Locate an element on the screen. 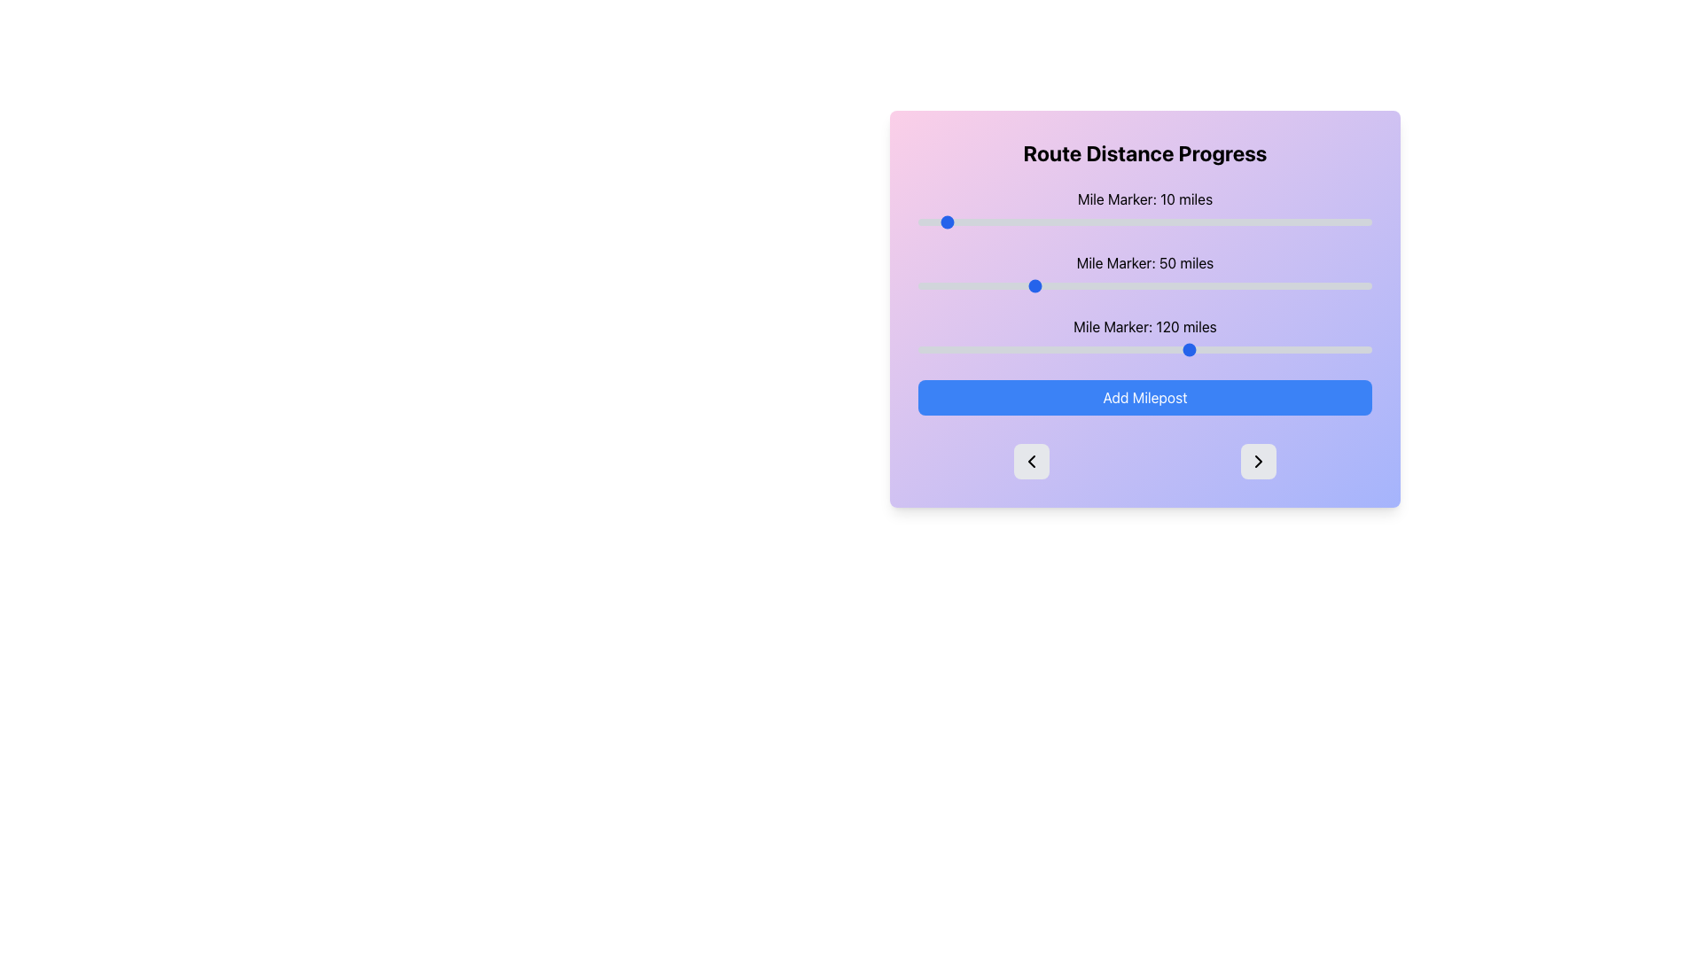 The width and height of the screenshot is (1702, 957). the navigational button with an embedded chevron icon located at the bottom-right corner of the interface to trigger a visual response is located at coordinates (1258, 460).